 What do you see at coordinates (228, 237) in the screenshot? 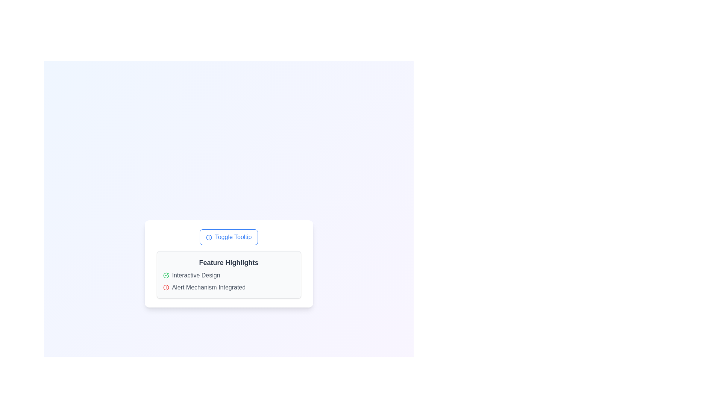
I see `the 'Toggle Tooltip' button, which has a blue border and rounded corners, to observe a style change` at bounding box center [228, 237].